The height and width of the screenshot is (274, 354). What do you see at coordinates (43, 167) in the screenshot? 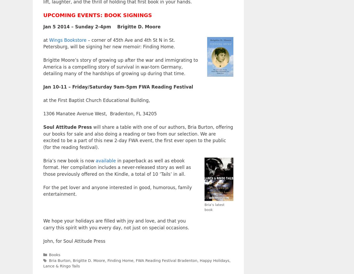
I see `'in paperback as well as ebook format. Her compilation includes a never-released story as well as those previously offered on the Kindle, a total of 10 ‘Tails’ in all.'` at bounding box center [43, 167].